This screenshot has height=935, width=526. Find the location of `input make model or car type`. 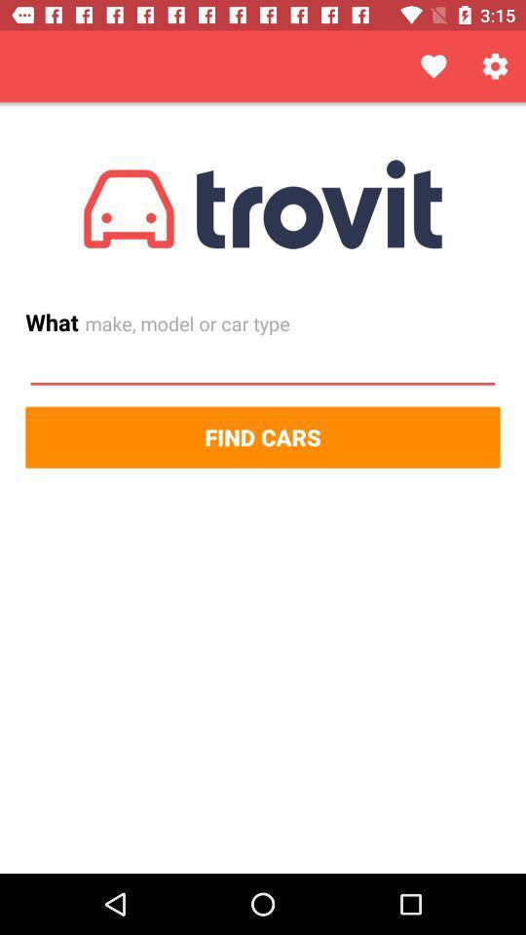

input make model or car type is located at coordinates (263, 364).